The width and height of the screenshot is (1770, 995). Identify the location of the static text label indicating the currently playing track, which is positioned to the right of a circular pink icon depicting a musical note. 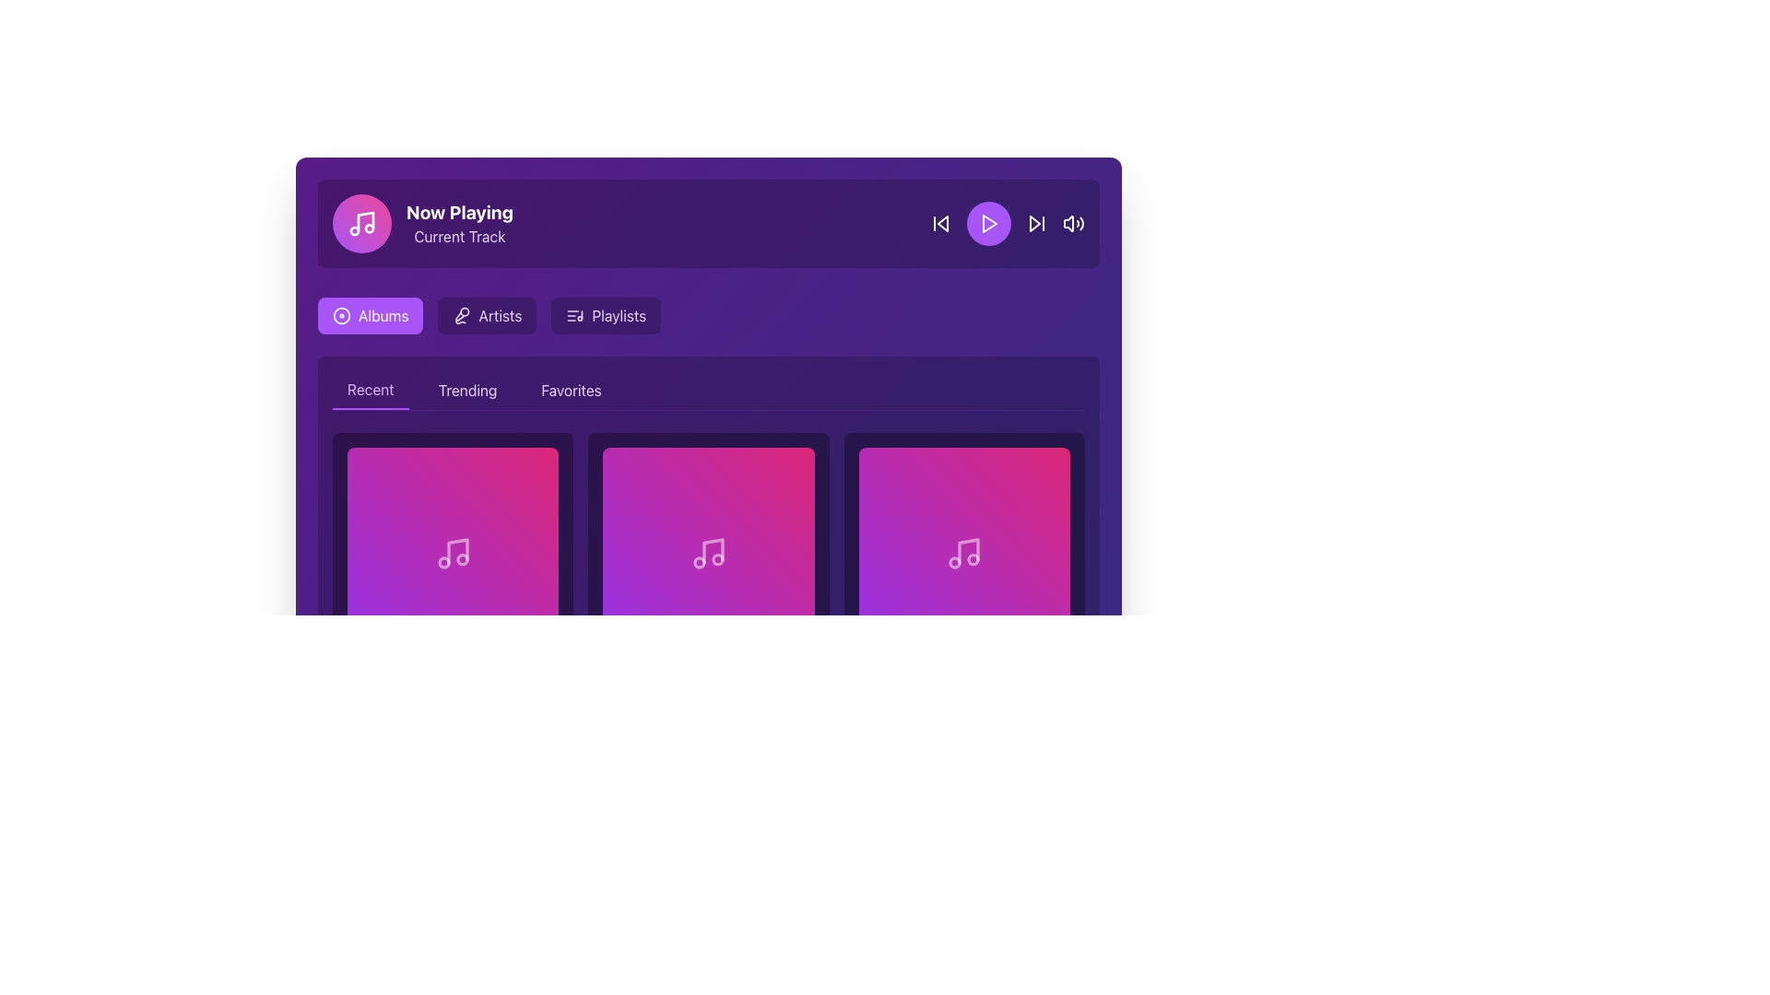
(460, 212).